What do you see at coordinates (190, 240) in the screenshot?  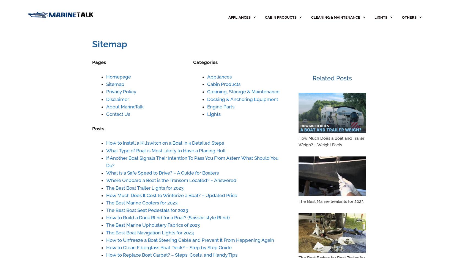 I see `'How to Unfreeze a Boat Steering Cable and Prevent It From Happening Again'` at bounding box center [190, 240].